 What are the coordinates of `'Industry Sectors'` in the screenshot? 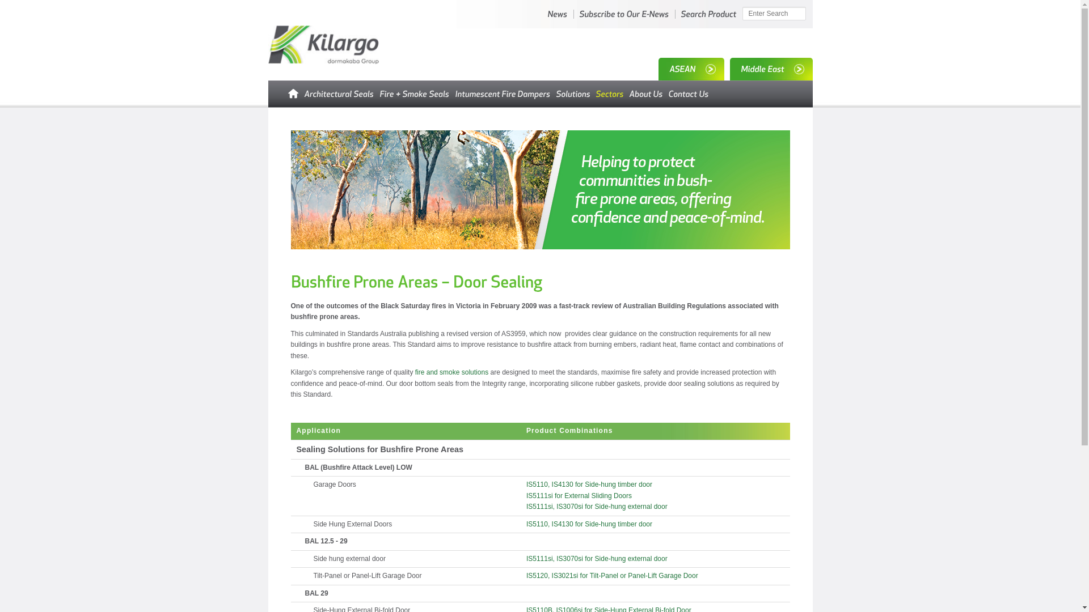 It's located at (593, 93).